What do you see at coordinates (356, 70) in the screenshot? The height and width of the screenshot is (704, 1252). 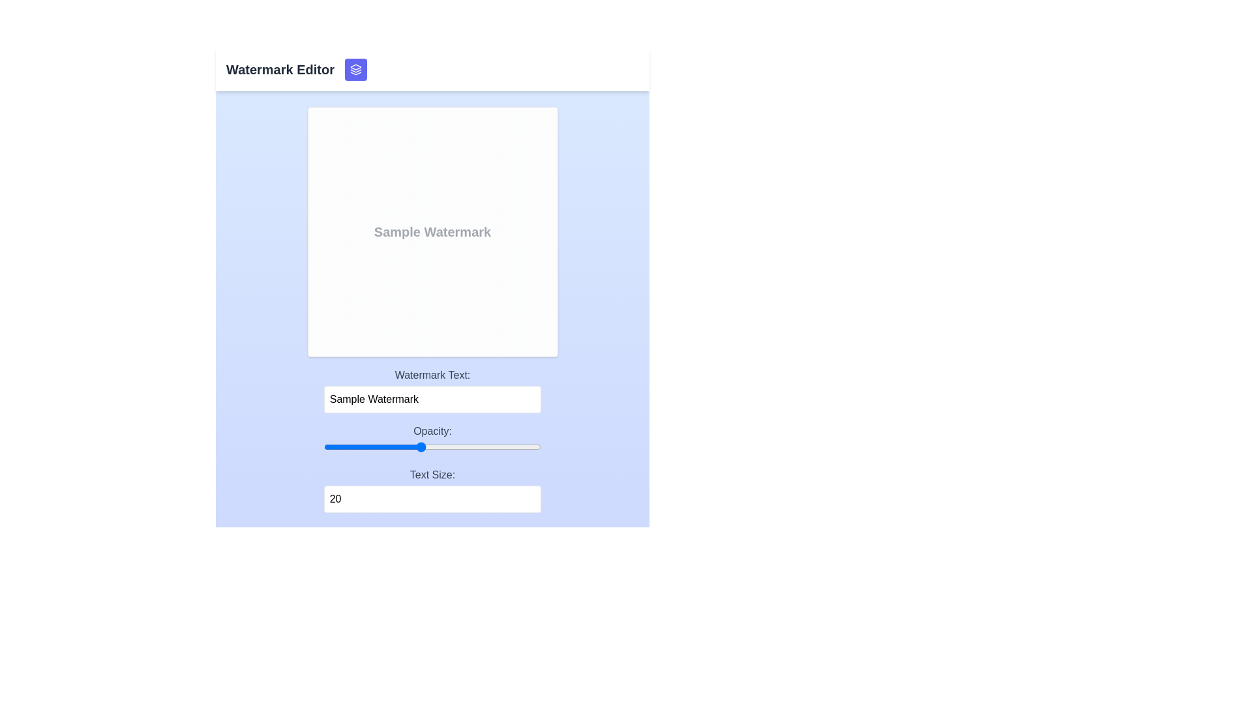 I see `the middle icon shape representing layered objects in the Watermark Editor, located in the top-right corner` at bounding box center [356, 70].